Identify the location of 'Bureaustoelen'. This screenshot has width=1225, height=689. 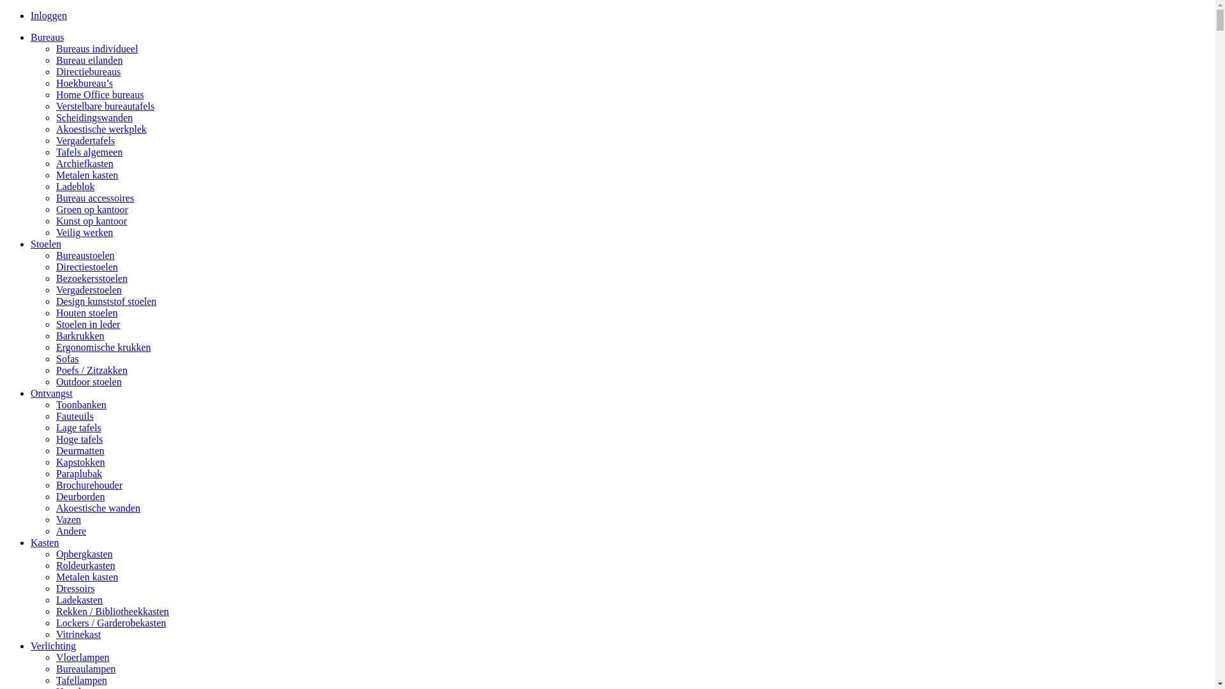
(85, 255).